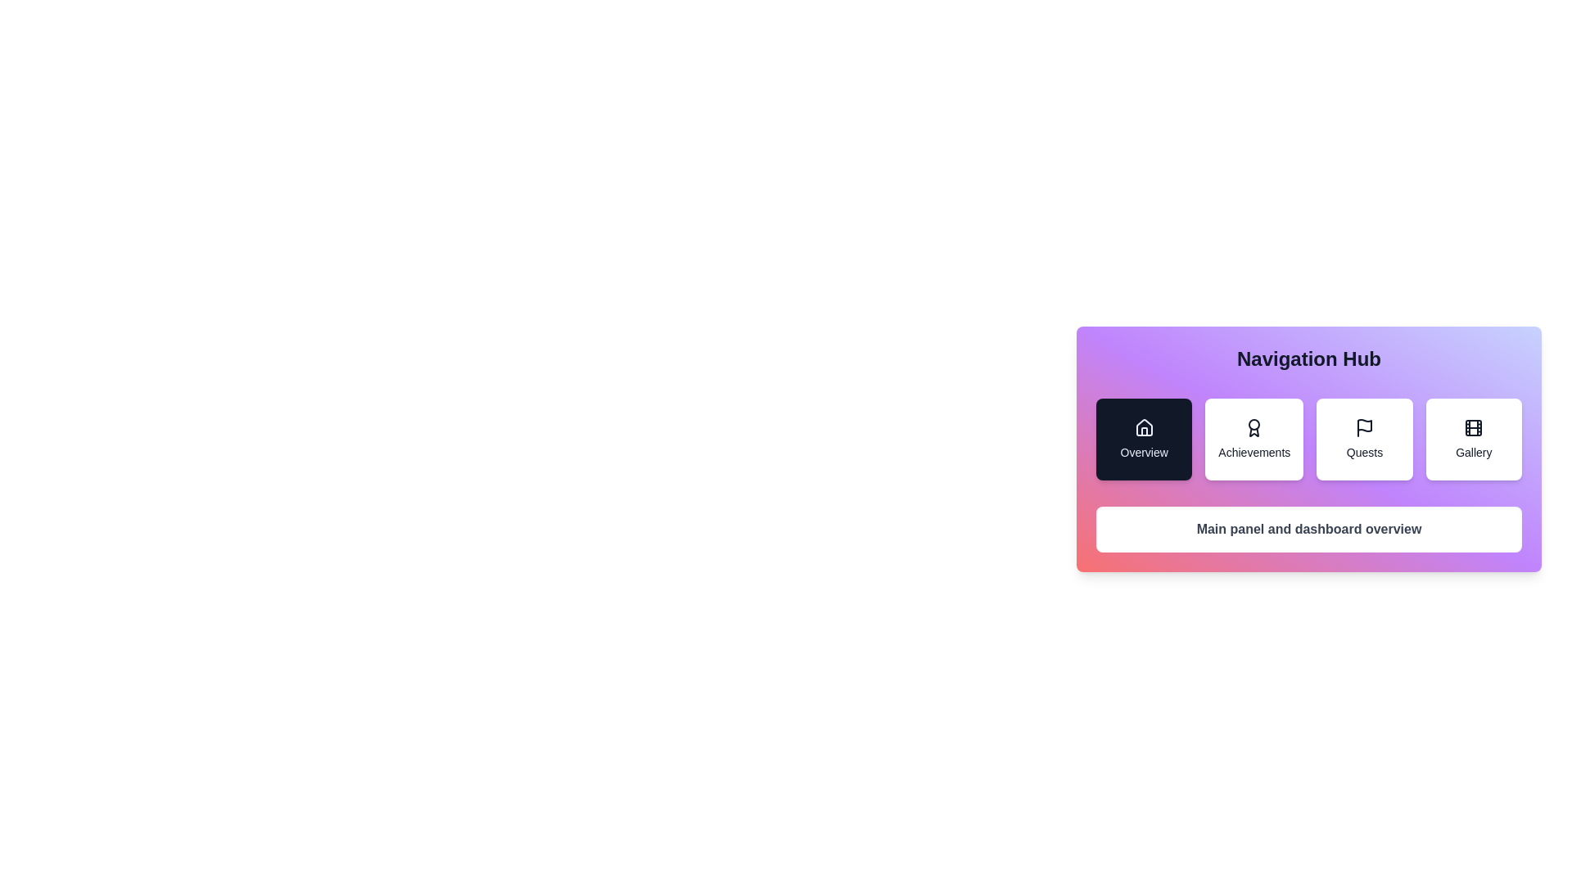  I want to click on the 'Gallery' text label, so click(1474, 452).